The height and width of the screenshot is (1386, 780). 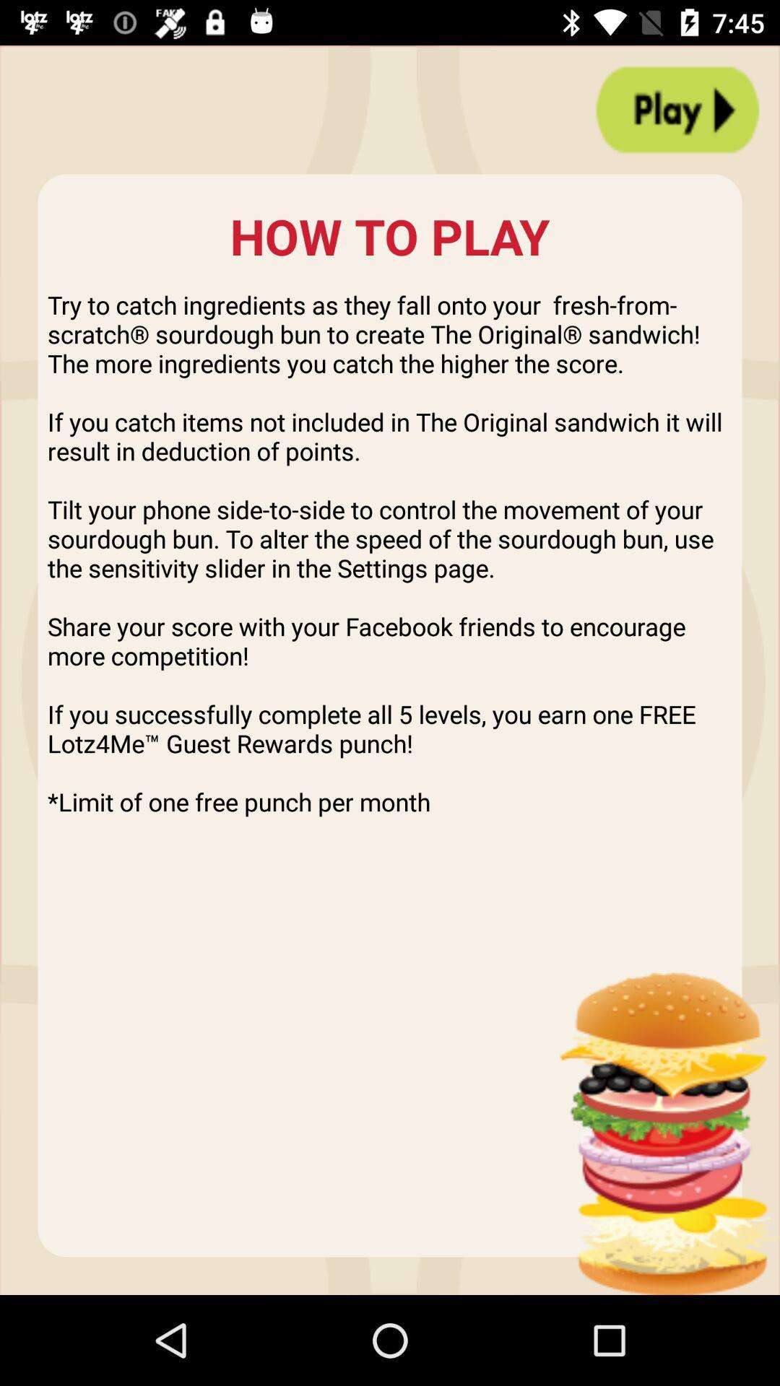 I want to click on start playing, so click(x=677, y=109).